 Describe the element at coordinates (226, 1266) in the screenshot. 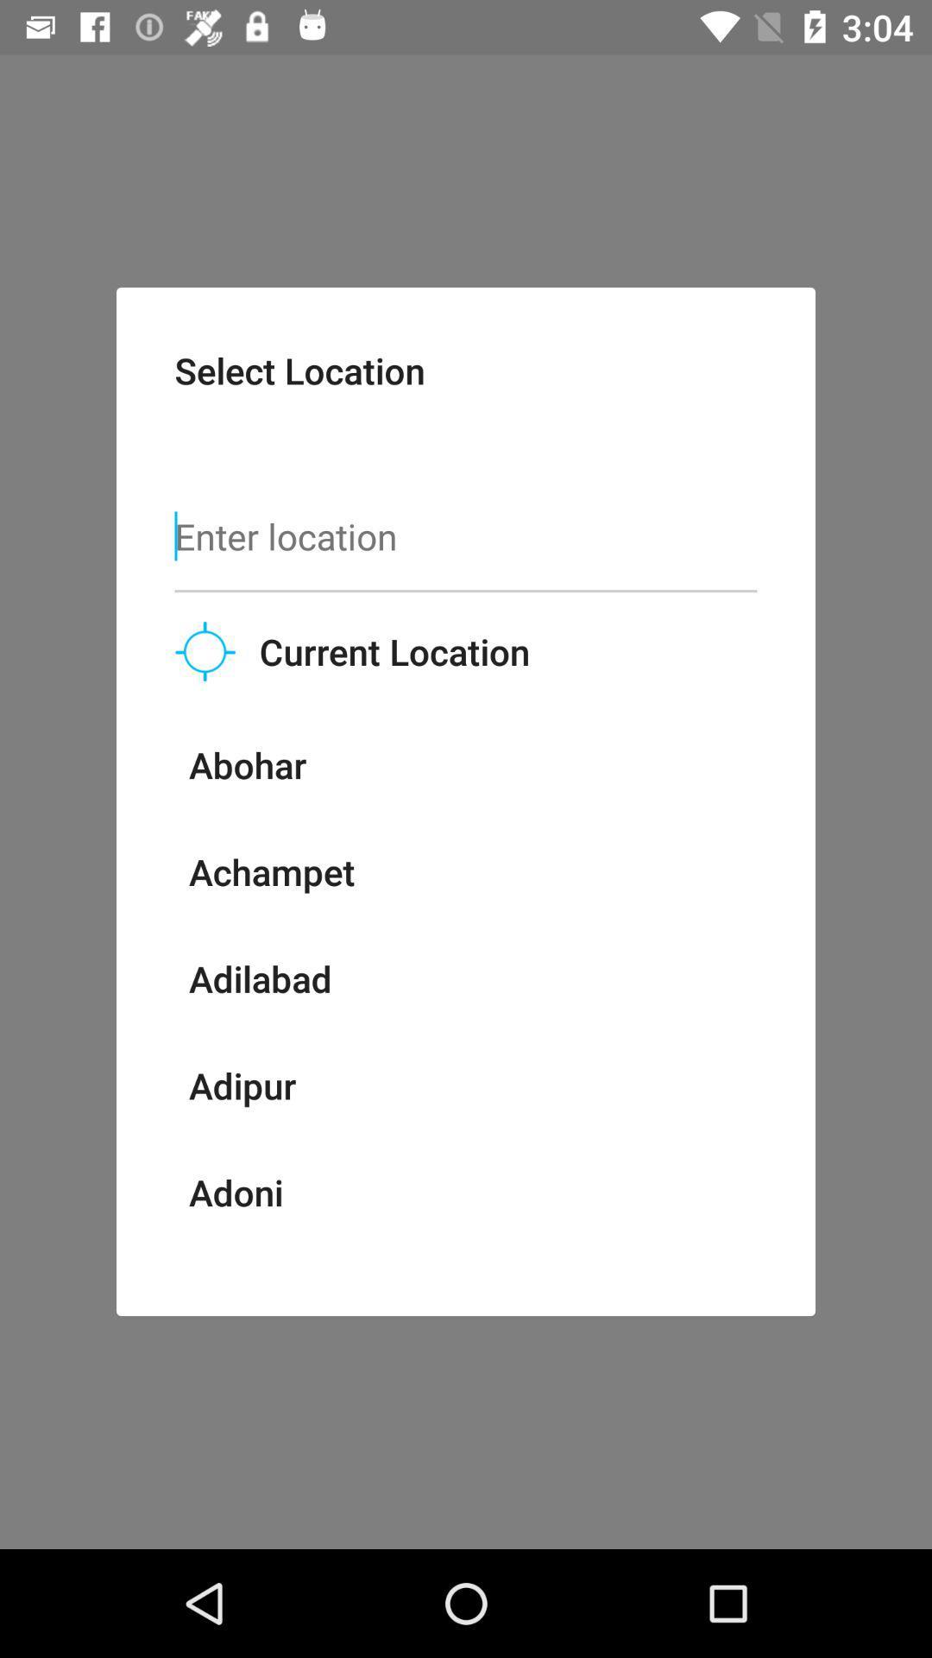

I see `agra` at that location.